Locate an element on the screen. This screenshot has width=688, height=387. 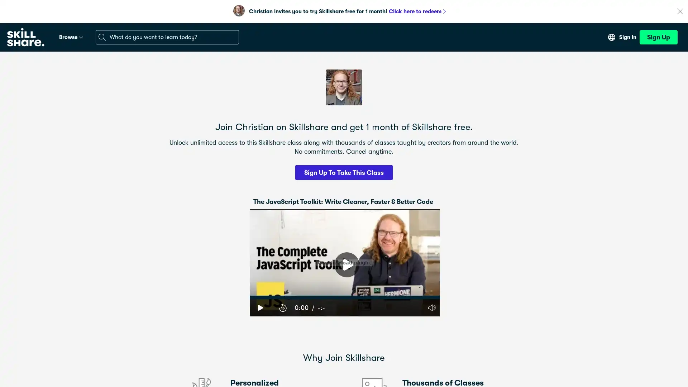
Play Video is located at coordinates (347, 265).